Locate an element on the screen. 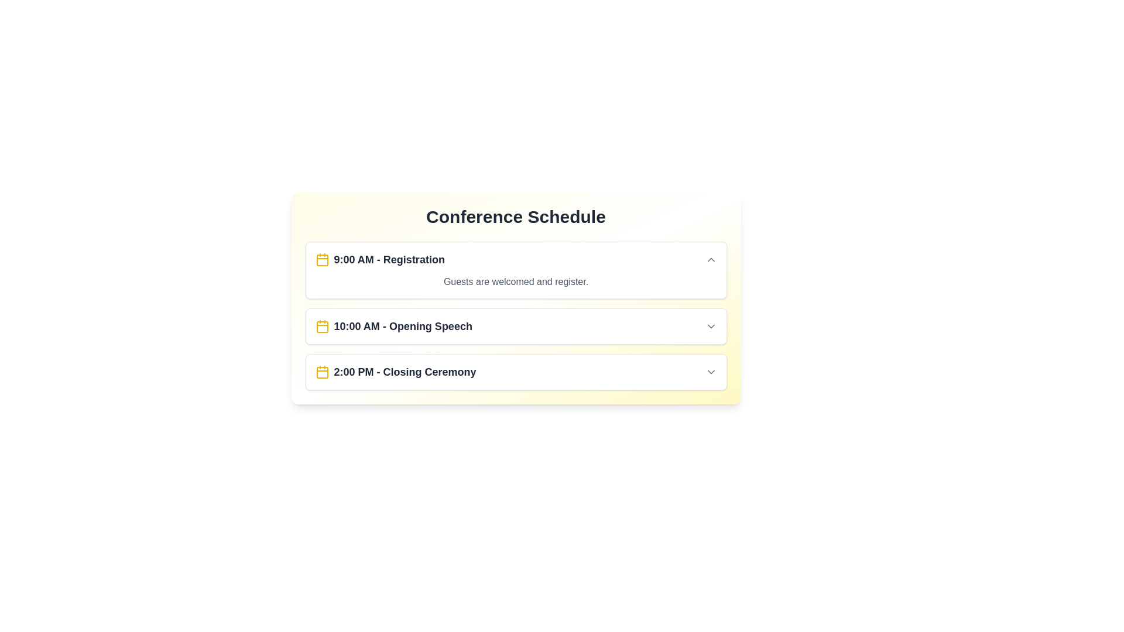  text '9:00 AM - Registration' from the bold text component located in the first item of the conference schedule list is located at coordinates (389, 259).